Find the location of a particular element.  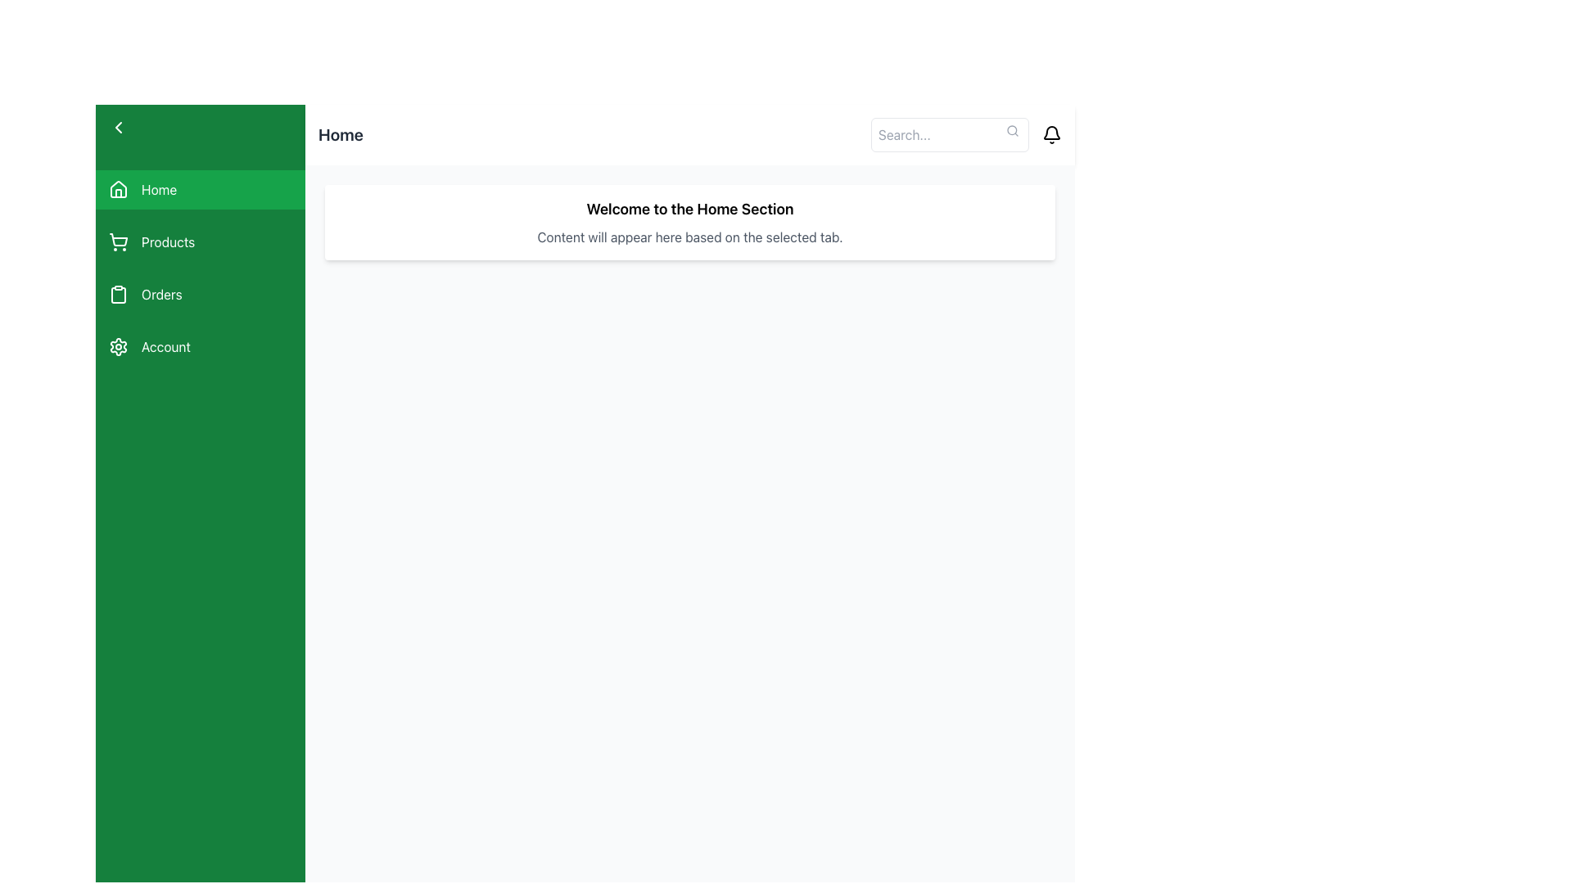

the first button in the vertical stack on the left sidebar is located at coordinates (199, 188).